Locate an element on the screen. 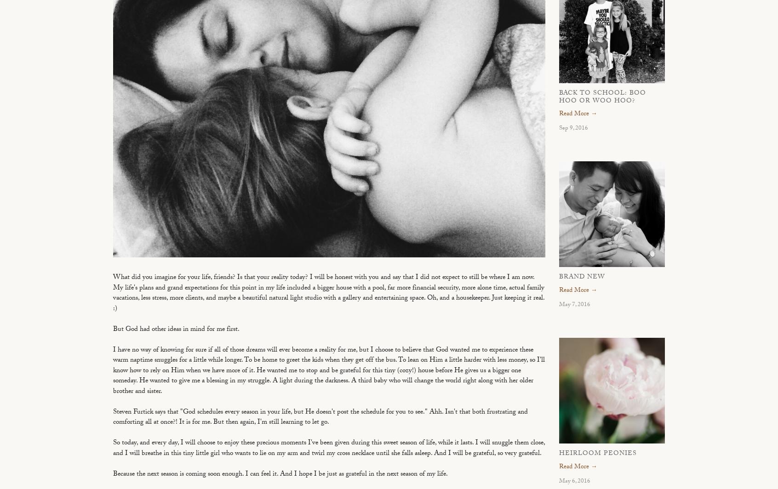 This screenshot has height=489, width=778. 'May 6, 2016' is located at coordinates (575, 481).